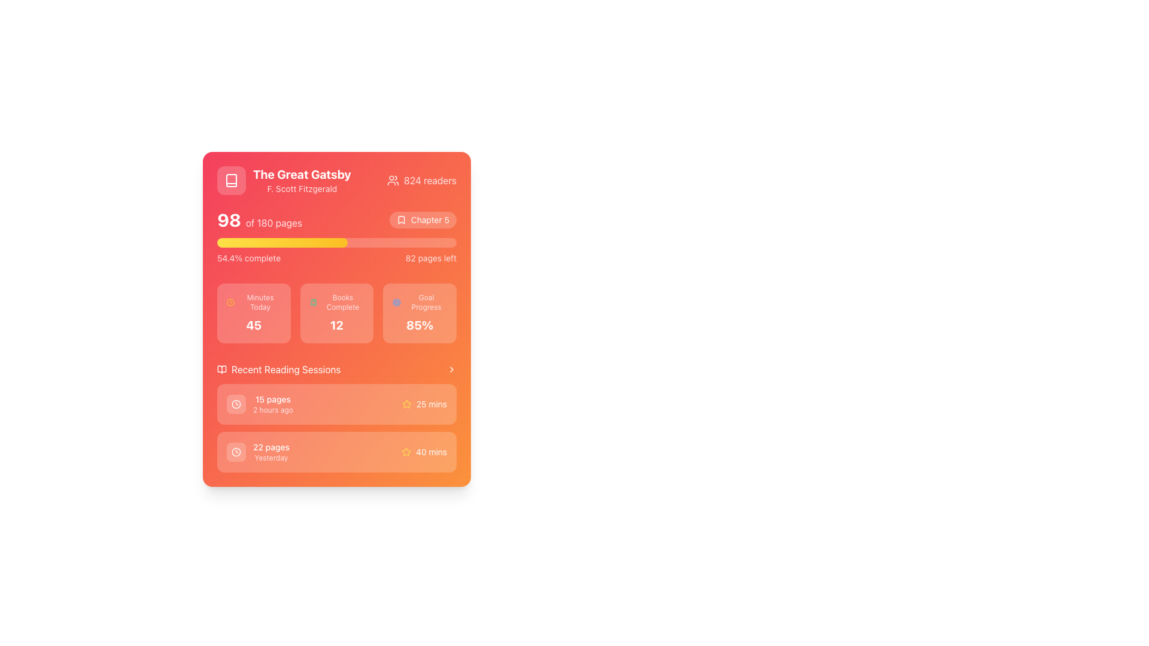  What do you see at coordinates (406, 452) in the screenshot?
I see `the star-shaped icon that represents a favorite or significant item, located to the right of the text '25 mins' under the 'Recent Reading Sessions' section` at bounding box center [406, 452].